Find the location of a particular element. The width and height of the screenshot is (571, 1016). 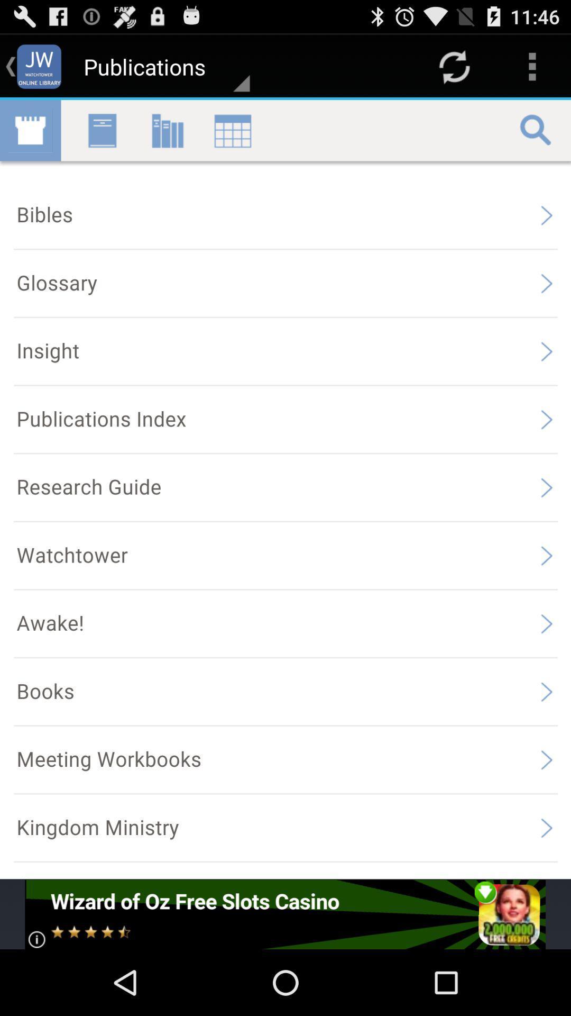

the advertisement is located at coordinates (284, 914).